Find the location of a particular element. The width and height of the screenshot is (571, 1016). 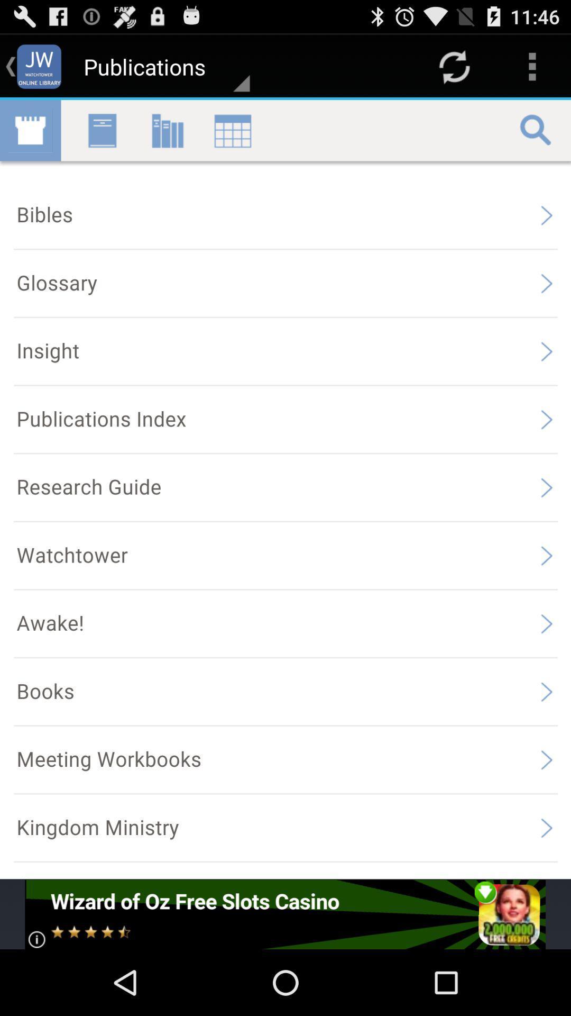

the advertisement is located at coordinates (284, 914).